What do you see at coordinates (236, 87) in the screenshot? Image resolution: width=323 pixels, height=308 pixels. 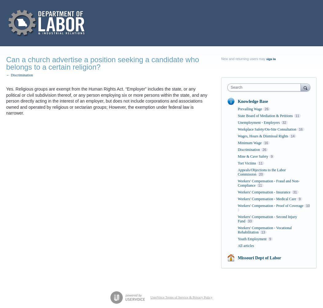 I see `'Search'` at bounding box center [236, 87].